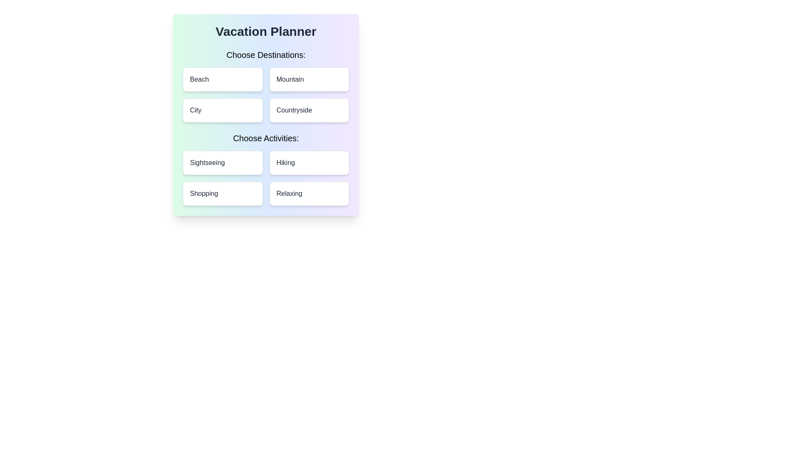 The image size is (800, 450). Describe the element at coordinates (222, 110) in the screenshot. I see `the 'City' button, which is the third button in the grid under the 'Choose Destinations' section, located to the left of the 'Countryside' button and below the 'Beach' button` at that location.